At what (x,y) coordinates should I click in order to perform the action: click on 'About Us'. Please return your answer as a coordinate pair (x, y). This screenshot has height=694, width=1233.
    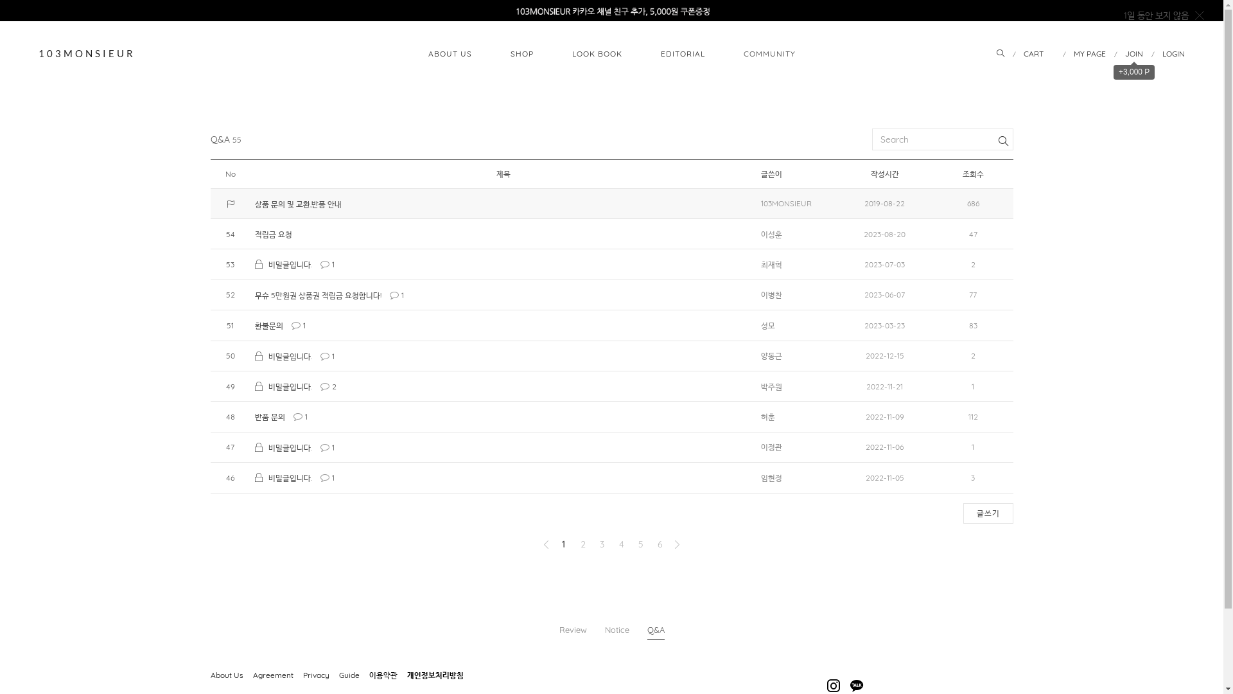
    Looking at the image, I should click on (231, 674).